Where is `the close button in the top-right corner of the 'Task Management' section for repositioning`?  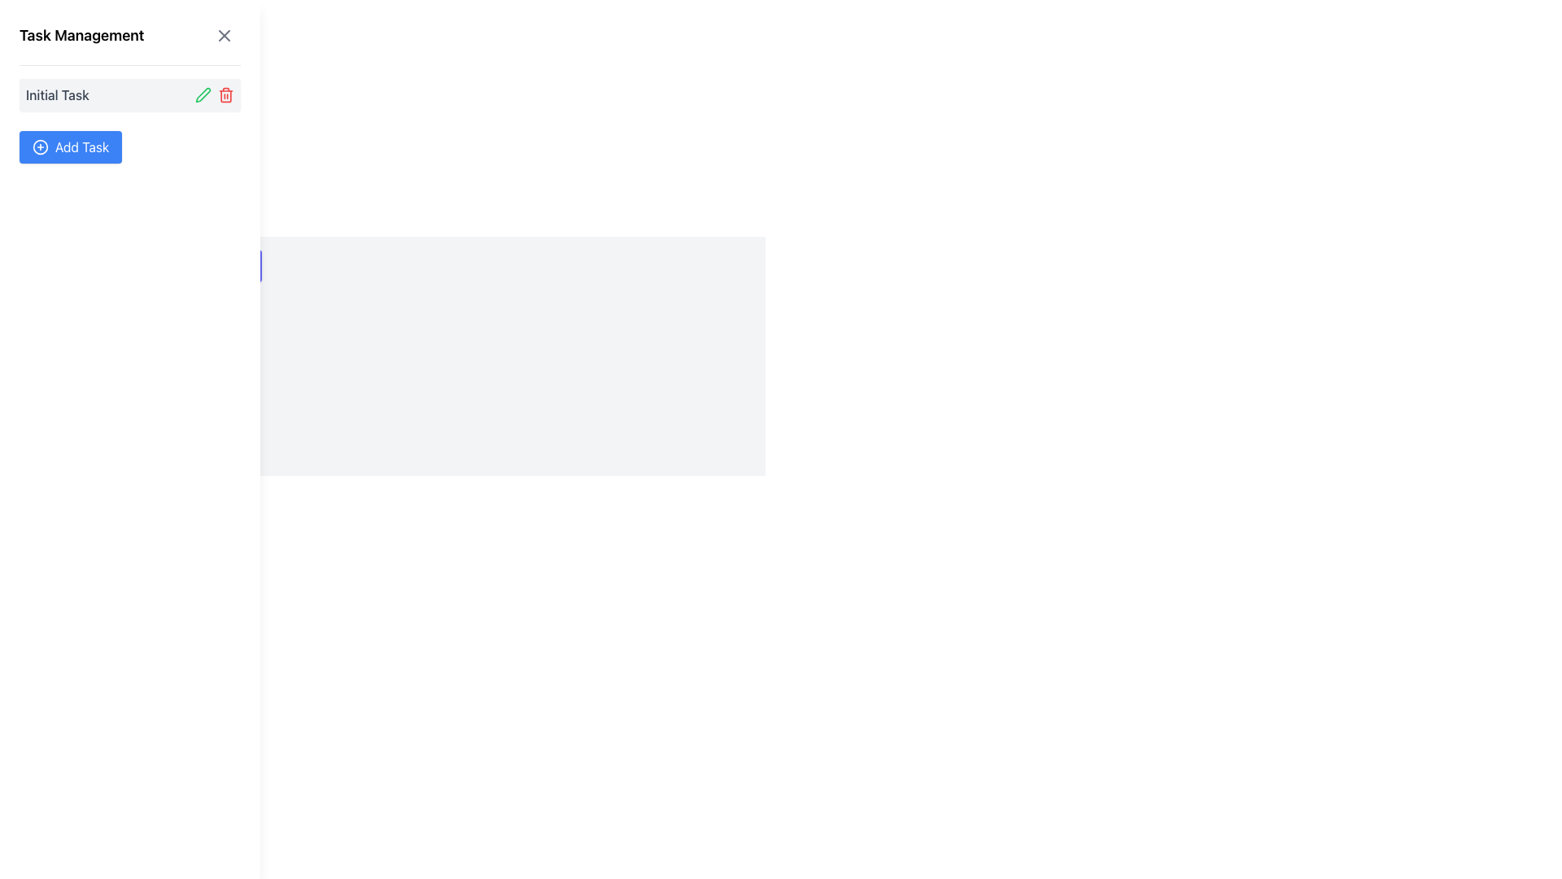
the close button in the top-right corner of the 'Task Management' section for repositioning is located at coordinates (223, 35).